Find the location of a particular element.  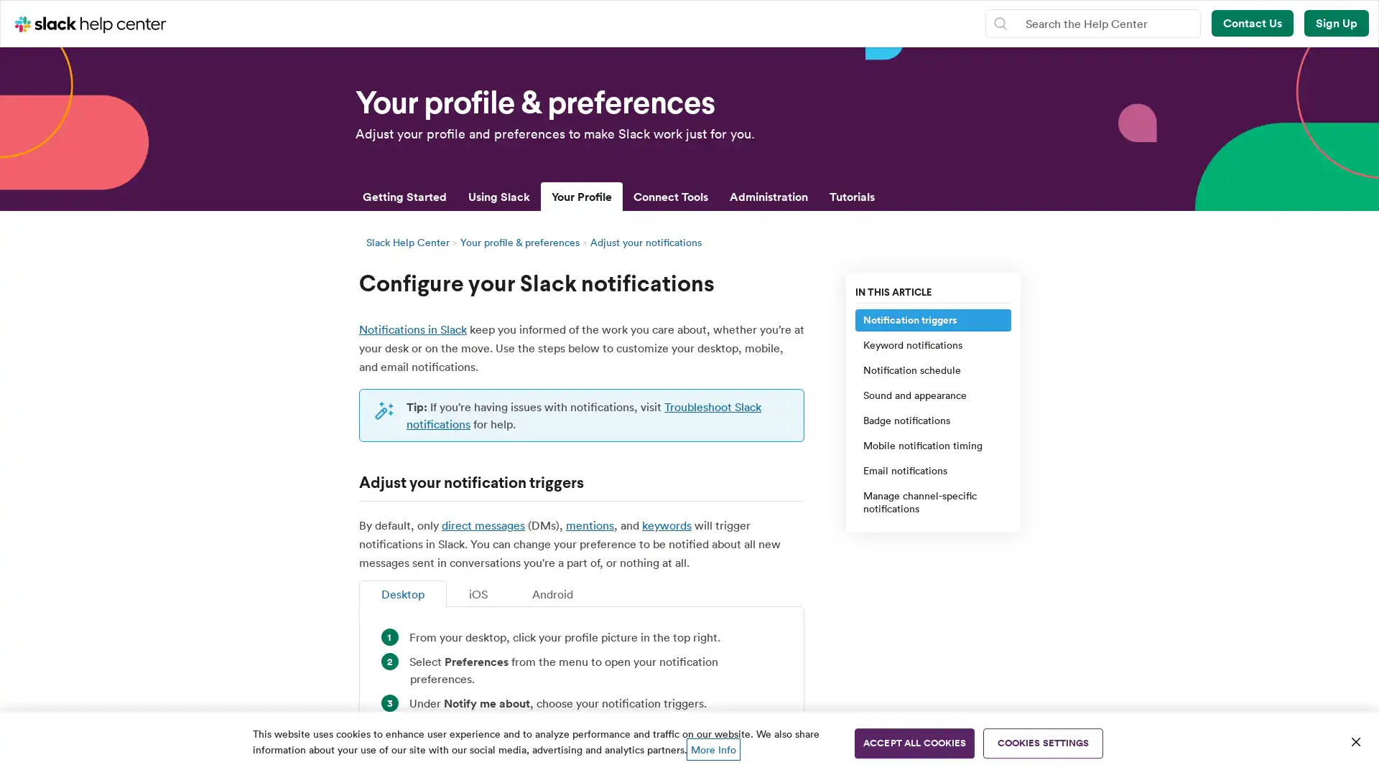

Close is located at coordinates (1355, 741).